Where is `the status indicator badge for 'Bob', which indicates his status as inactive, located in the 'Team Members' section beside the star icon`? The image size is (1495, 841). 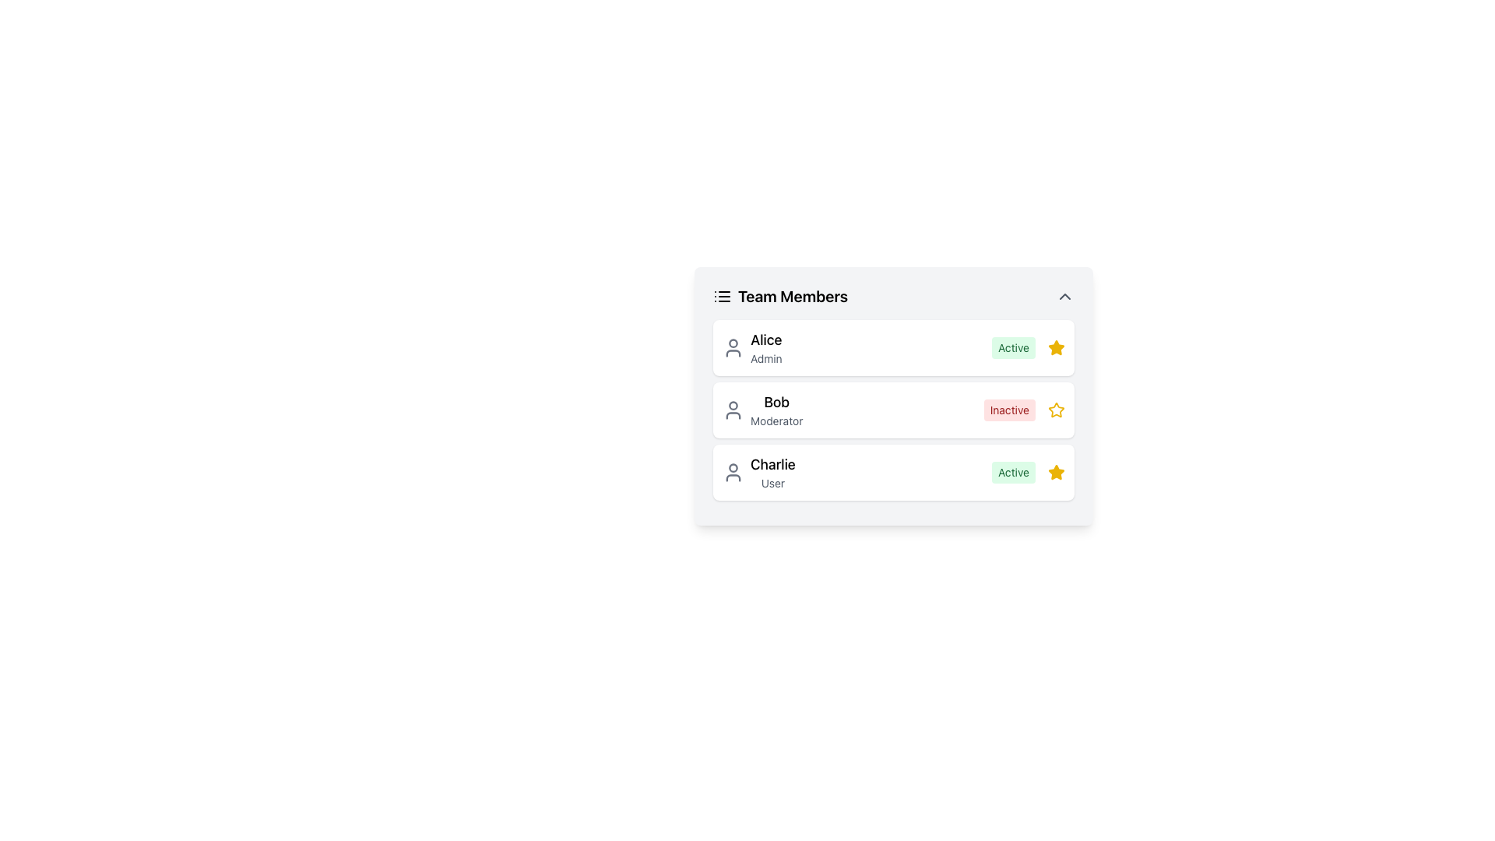 the status indicator badge for 'Bob', which indicates his status as inactive, located in the 'Team Members' section beside the star icon is located at coordinates (1009, 410).